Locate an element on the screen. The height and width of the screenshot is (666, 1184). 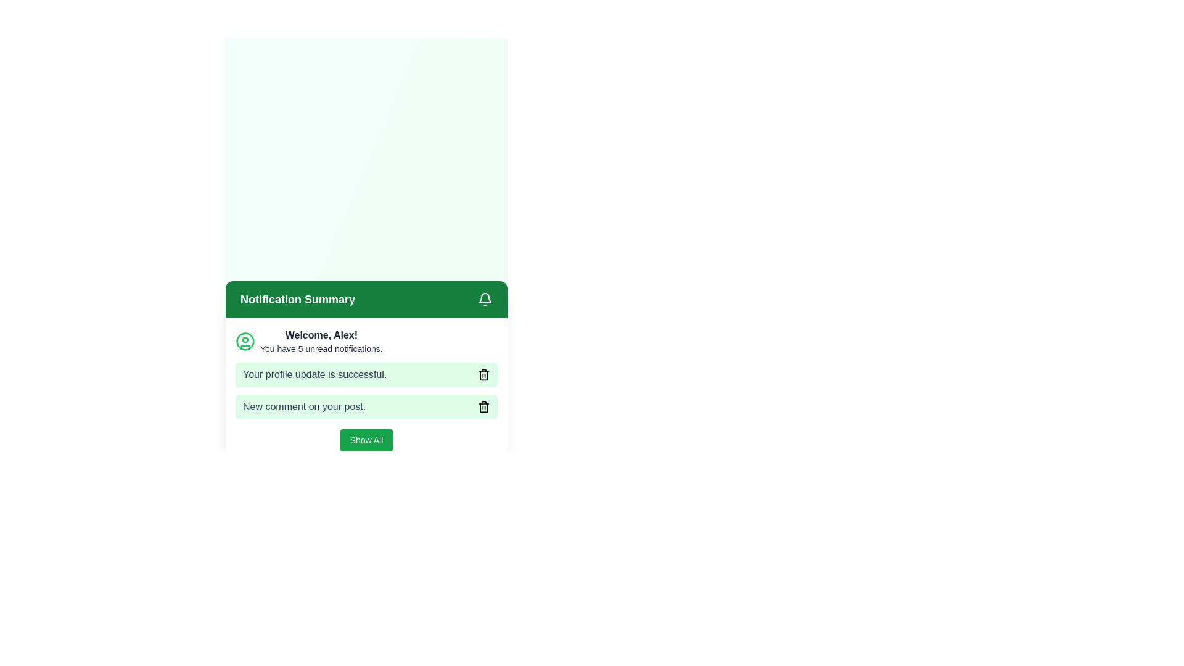
the Text information area that displays a greeting message 'Welcome, Alex!' and a notification summary about unread notifications is located at coordinates (321, 342).